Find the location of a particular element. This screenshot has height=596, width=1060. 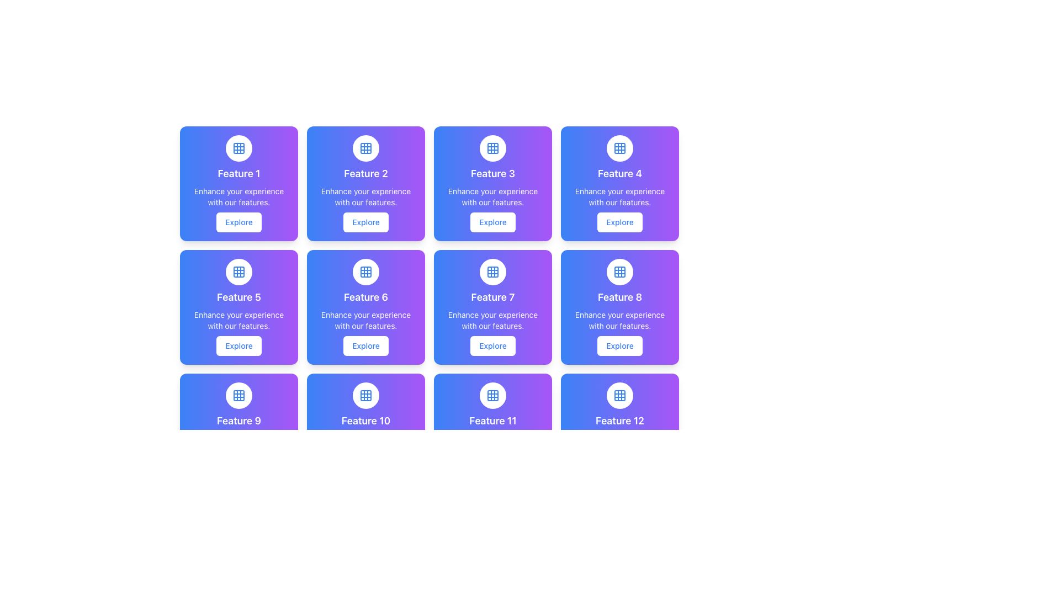

the circular white IconButton with a blue 3x3 grid pattern located in the 'Feature 11' card is located at coordinates (492, 395).